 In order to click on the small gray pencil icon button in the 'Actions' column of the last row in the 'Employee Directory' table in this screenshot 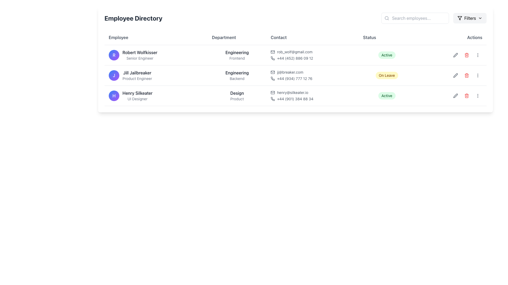, I will do `click(455, 96)`.